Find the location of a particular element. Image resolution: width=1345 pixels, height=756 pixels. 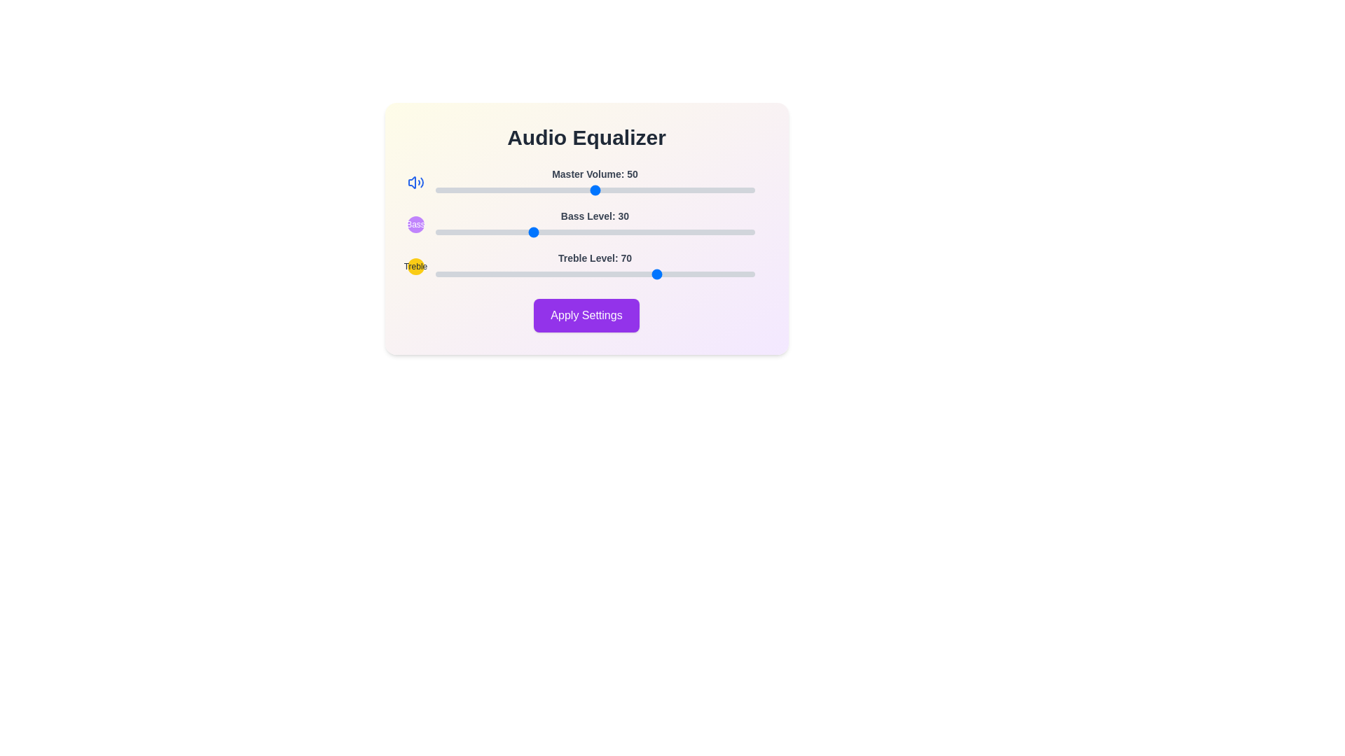

and drag the 'Bass Level: 30' range slider in the audio equalizer interface to adjust the bass level is located at coordinates (586, 223).